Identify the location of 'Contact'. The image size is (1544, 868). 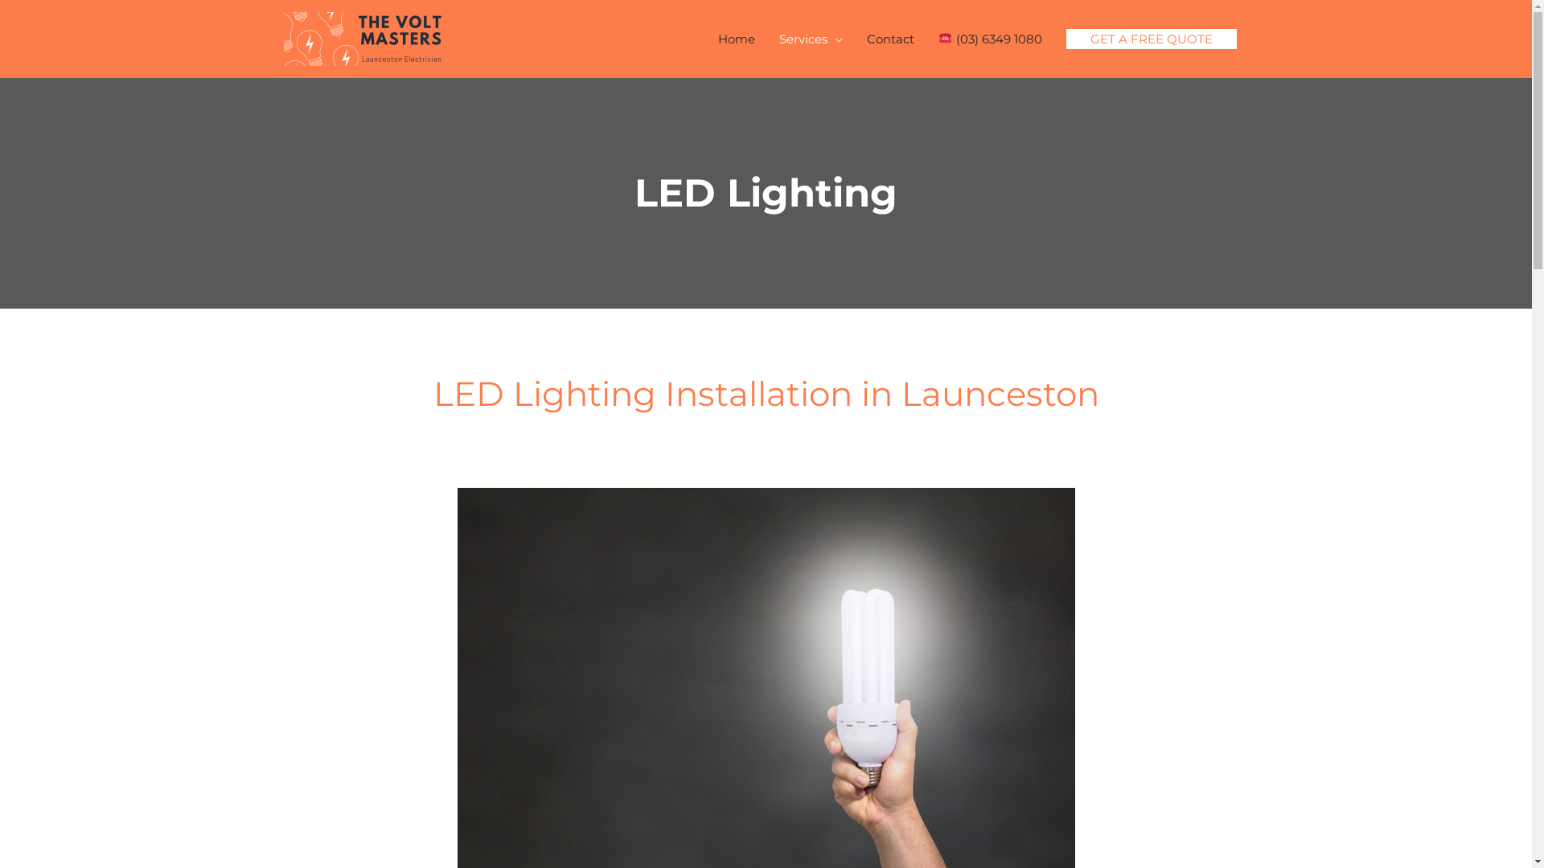
(889, 37).